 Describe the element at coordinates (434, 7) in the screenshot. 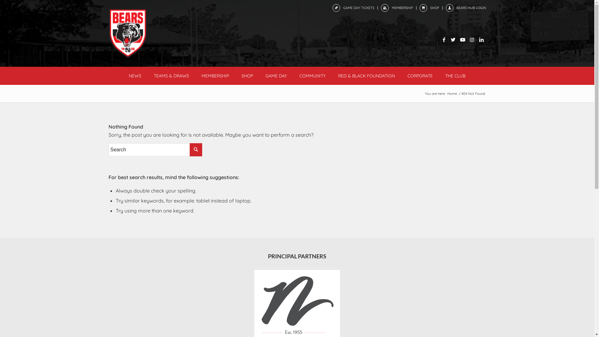

I see `'SHOP'` at that location.